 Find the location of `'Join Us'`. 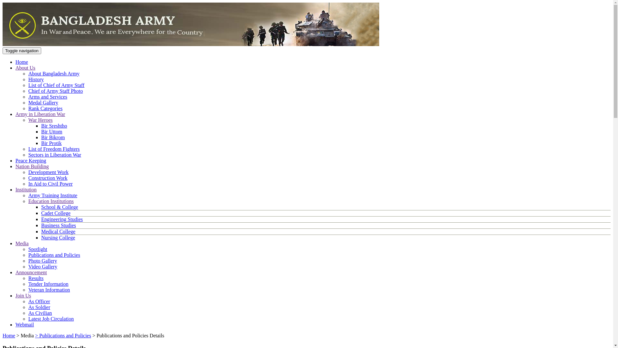

'Join Us' is located at coordinates (23, 295).